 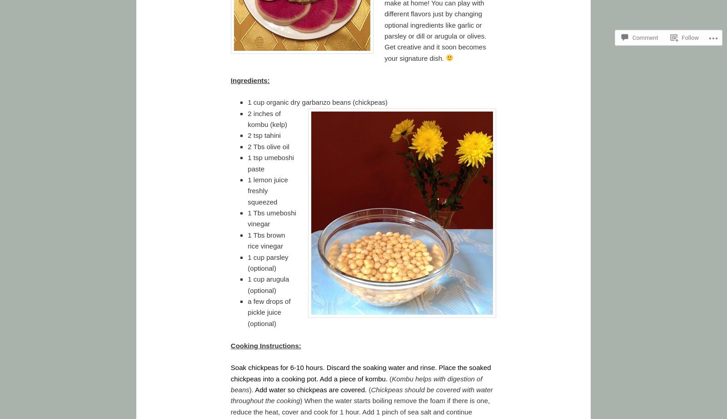 What do you see at coordinates (294, 102) in the screenshot?
I see `'1 cup organic dry garbanzo be'` at bounding box center [294, 102].